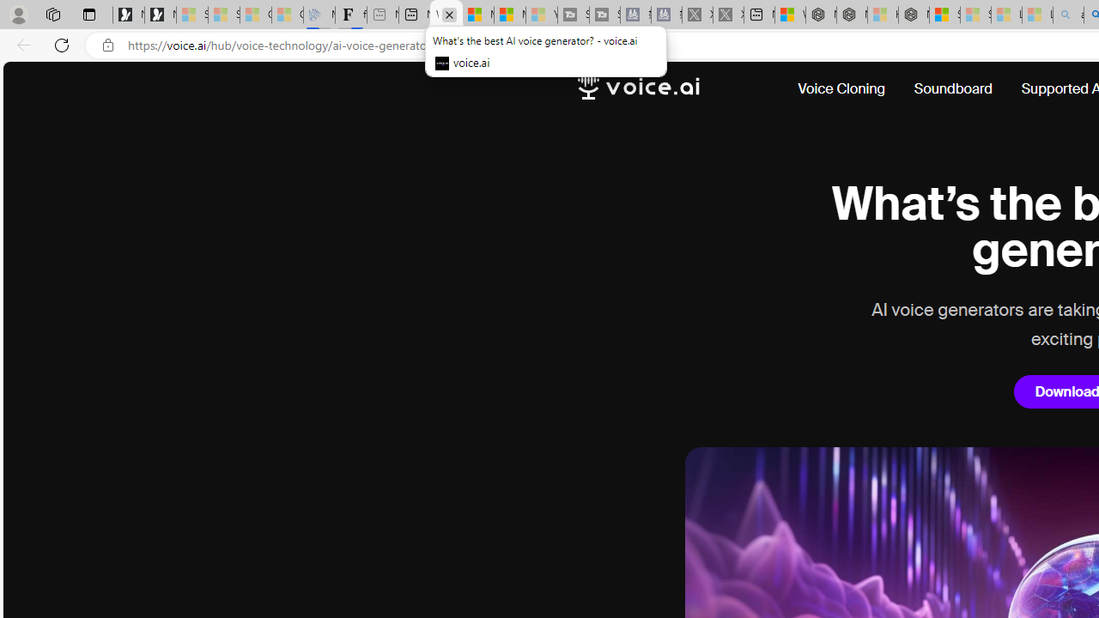 The width and height of the screenshot is (1099, 618). Describe the element at coordinates (160, 15) in the screenshot. I see `'Newsletter Sign Up'` at that location.